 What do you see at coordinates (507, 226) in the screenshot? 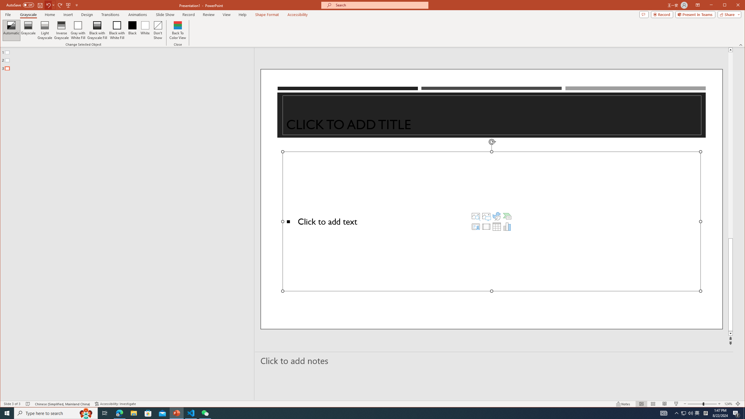
I see `'Insert Chart'` at bounding box center [507, 226].